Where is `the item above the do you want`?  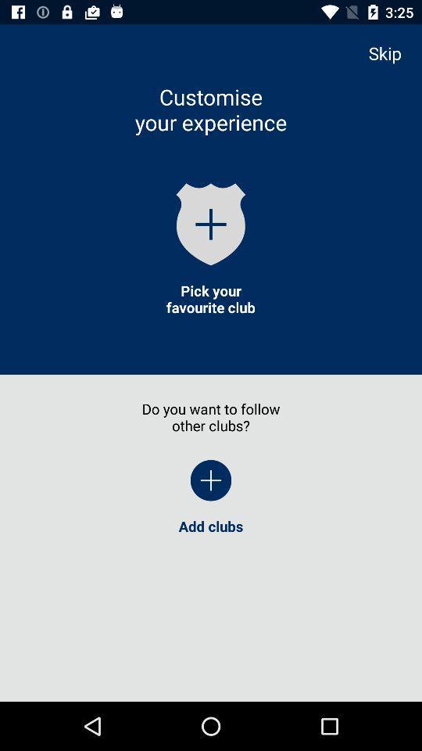
the item above the do you want is located at coordinates (211, 298).